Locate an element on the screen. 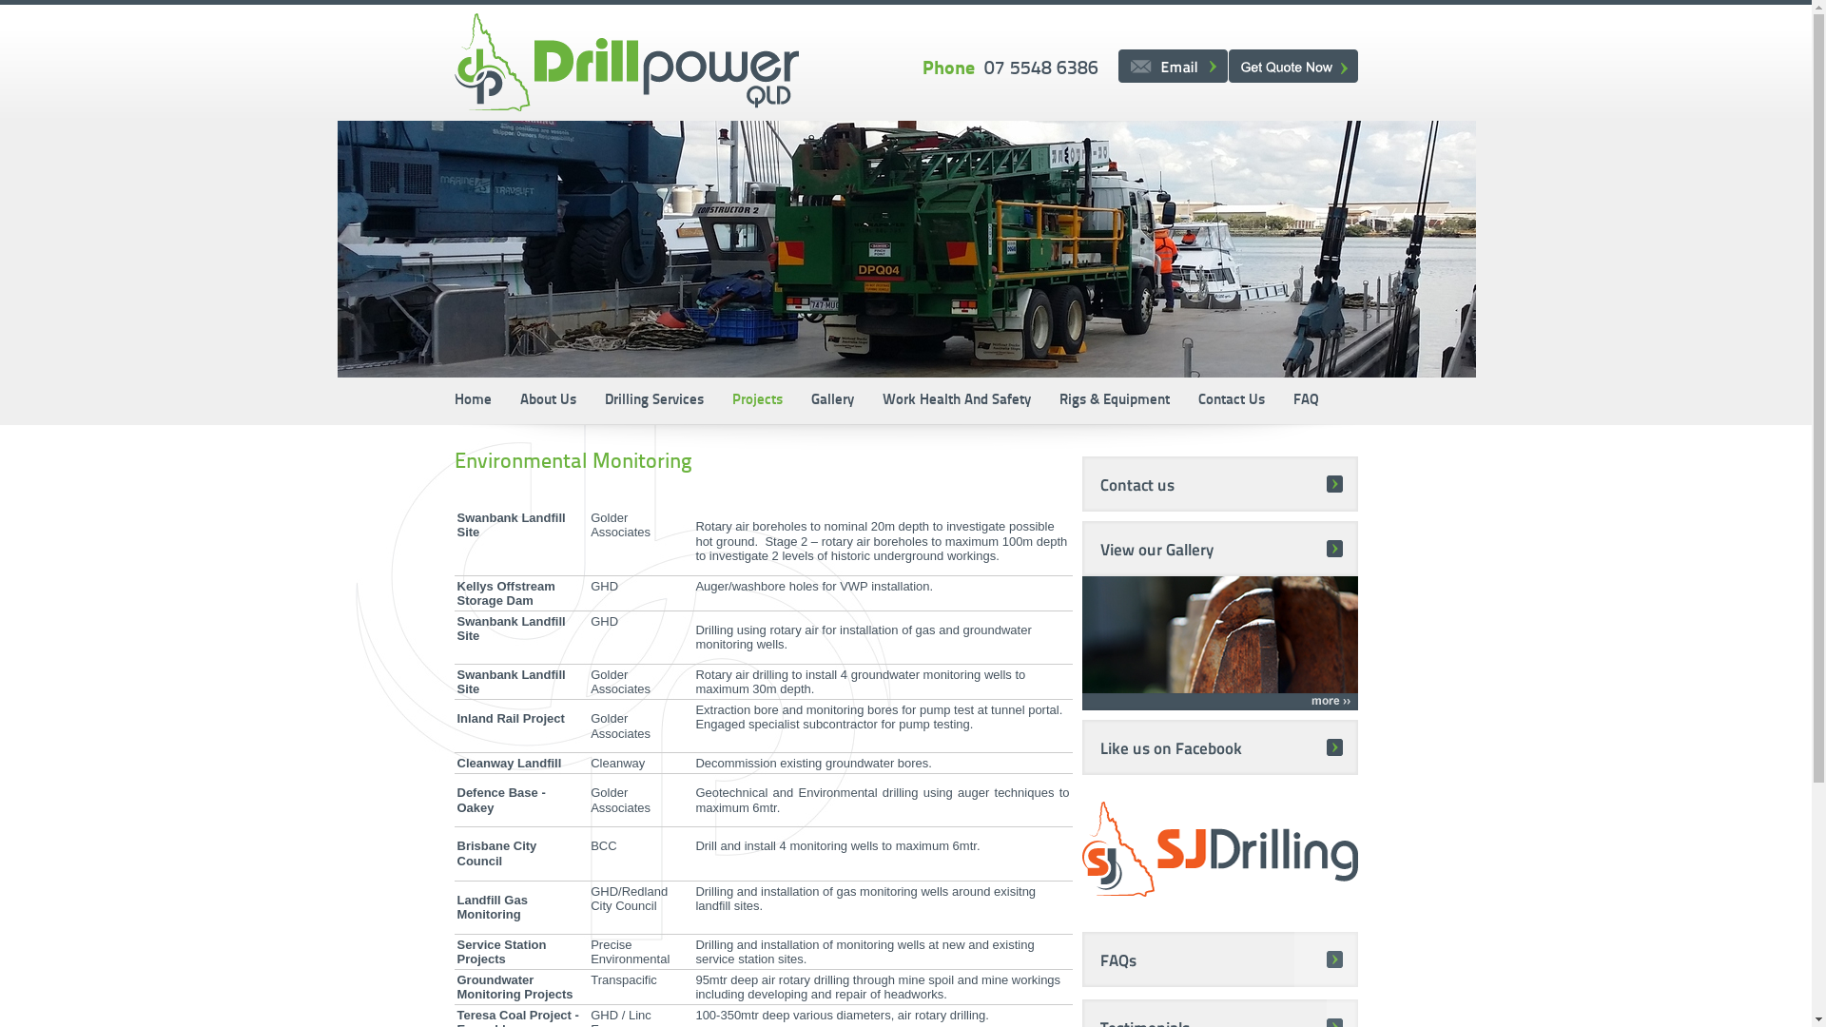 The image size is (1826, 1027). 'About Us' is located at coordinates (506, 399).